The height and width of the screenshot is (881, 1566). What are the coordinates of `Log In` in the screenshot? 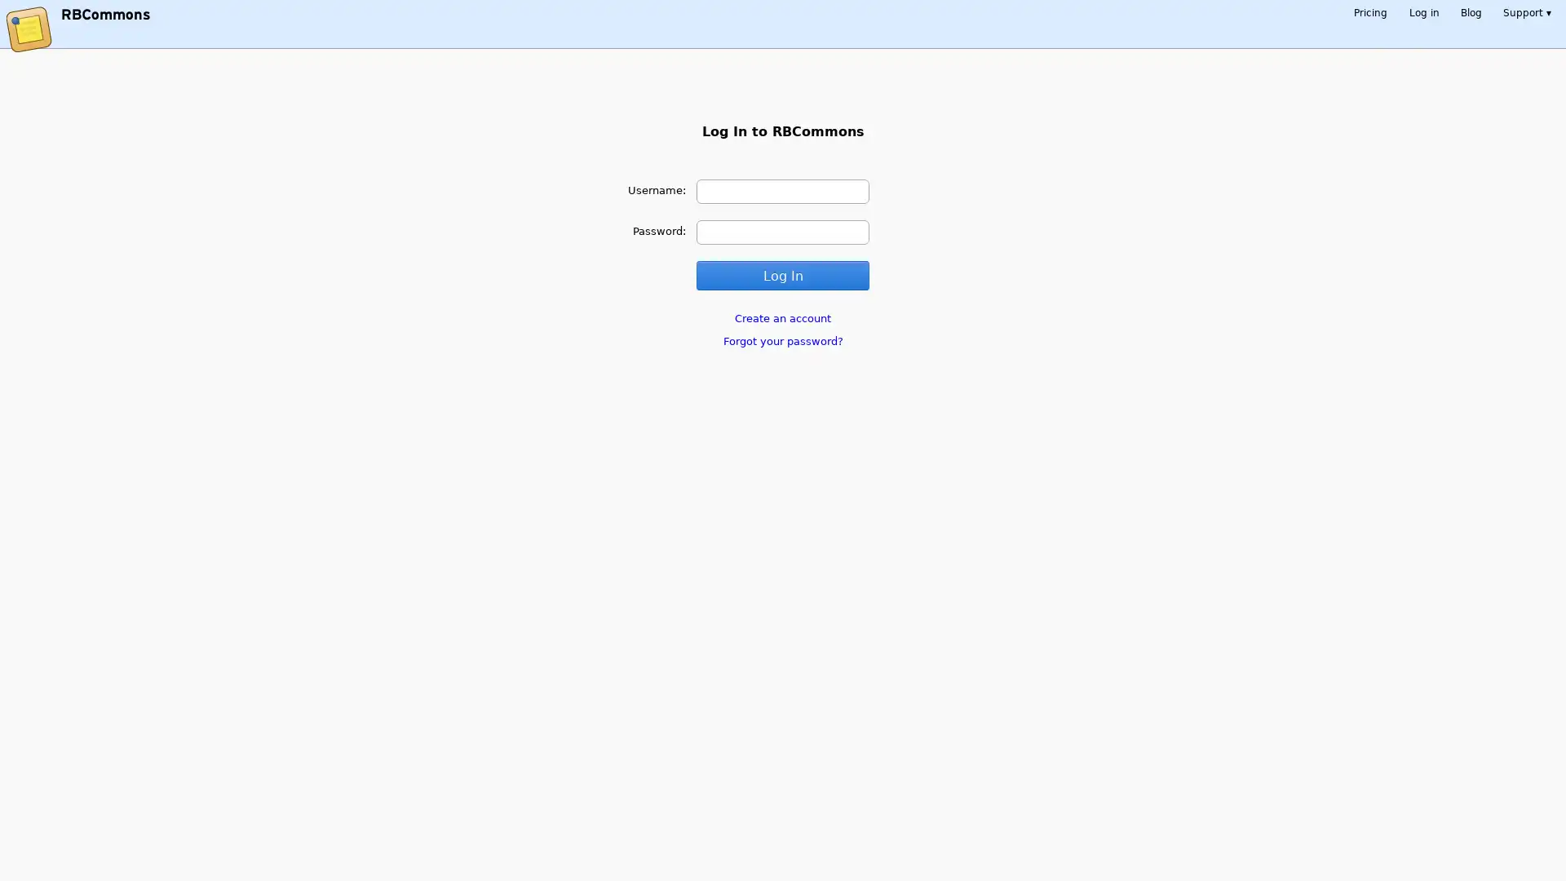 It's located at (781, 274).